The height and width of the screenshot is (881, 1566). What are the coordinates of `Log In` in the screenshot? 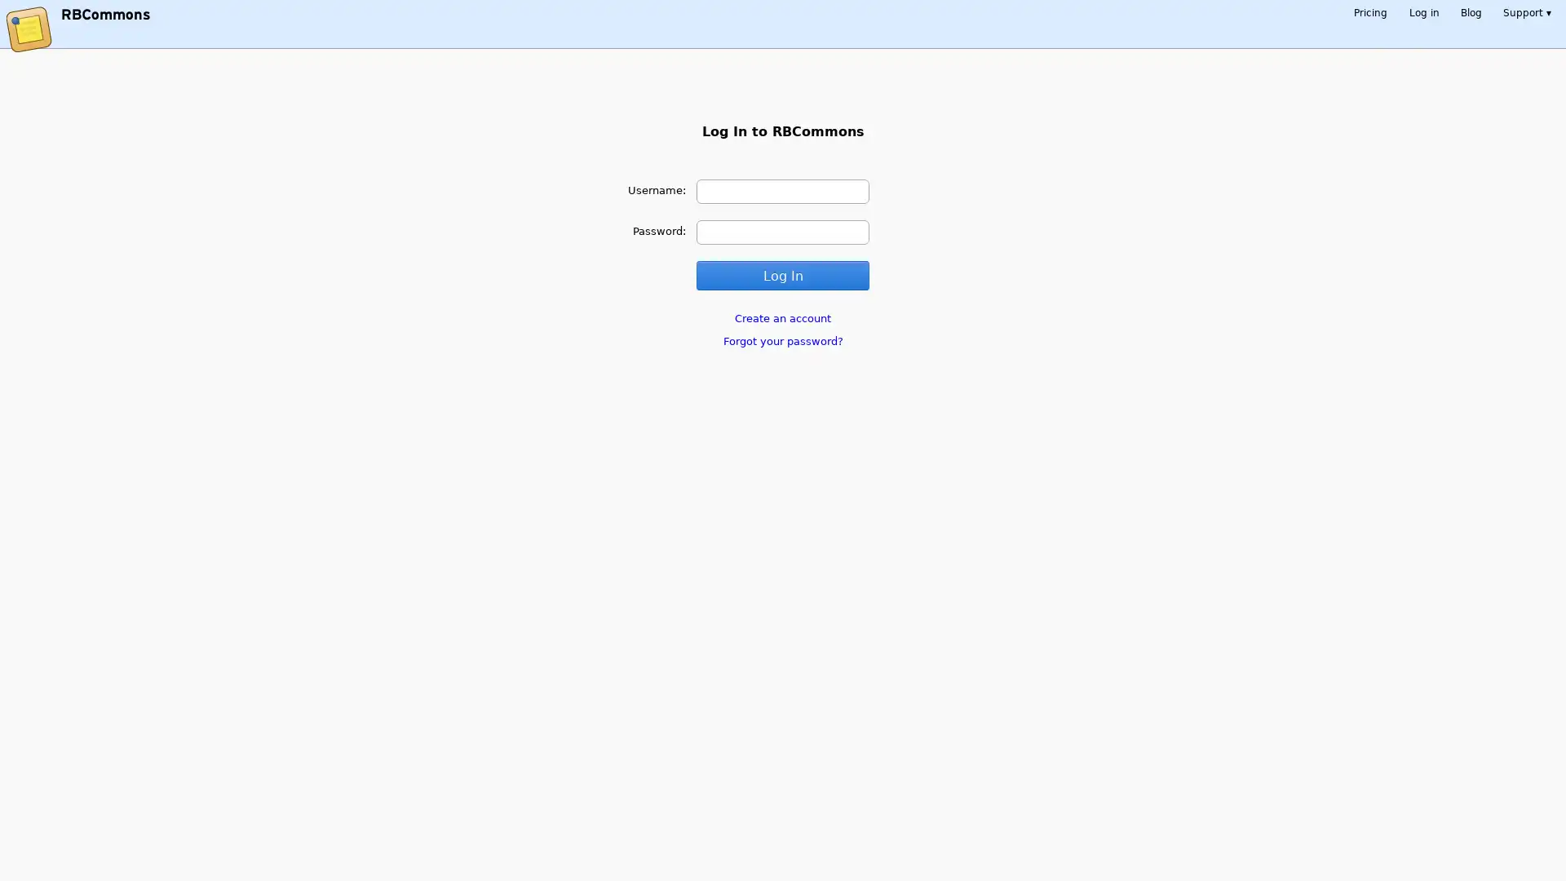 It's located at (781, 274).